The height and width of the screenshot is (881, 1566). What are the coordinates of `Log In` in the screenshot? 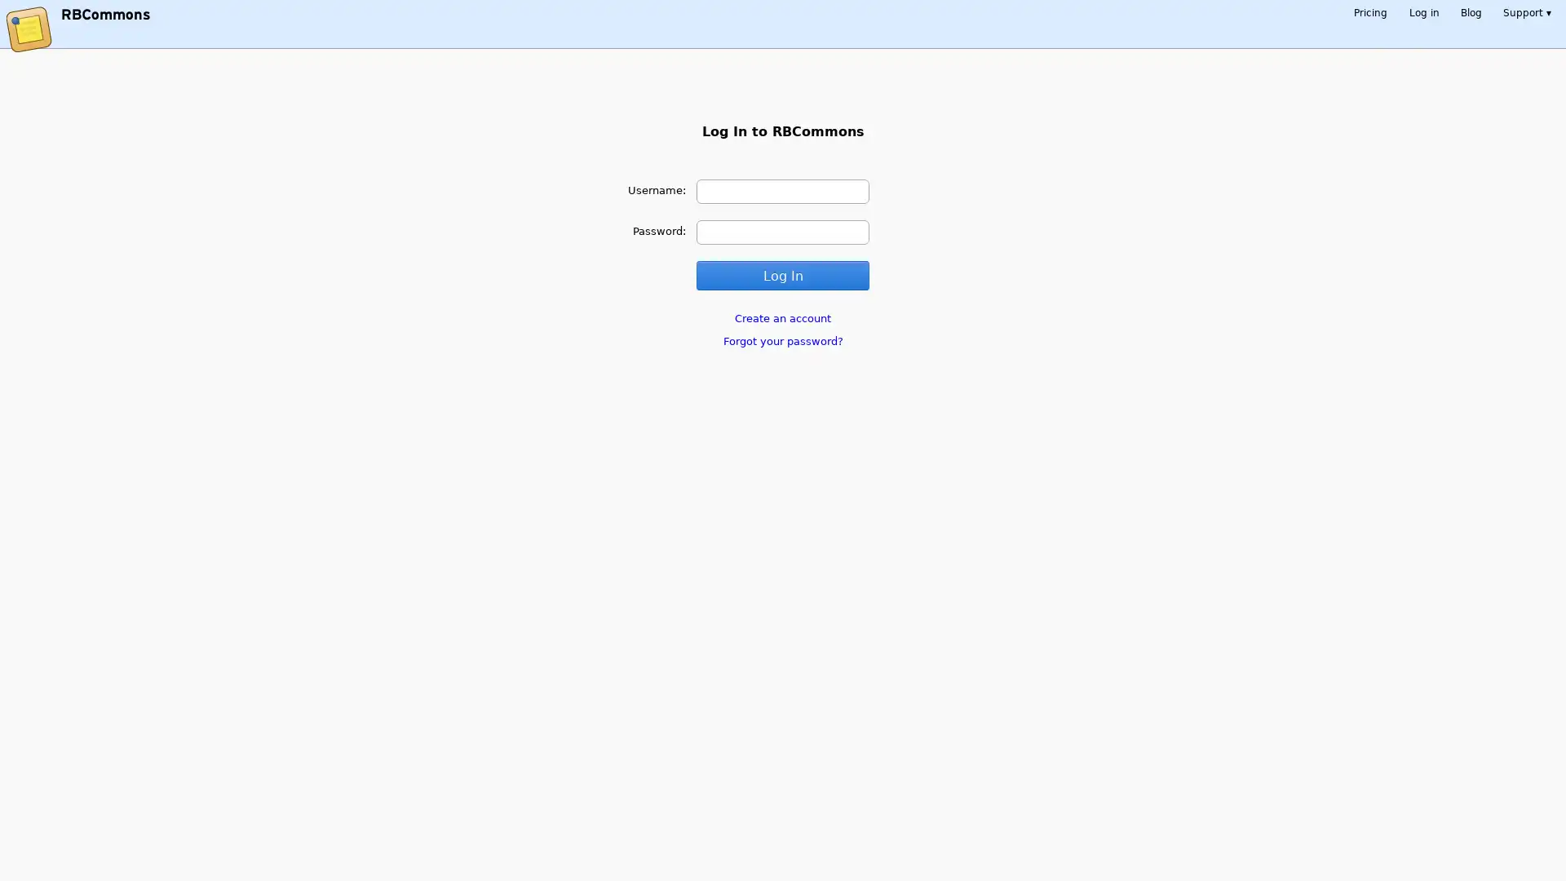 It's located at (781, 274).